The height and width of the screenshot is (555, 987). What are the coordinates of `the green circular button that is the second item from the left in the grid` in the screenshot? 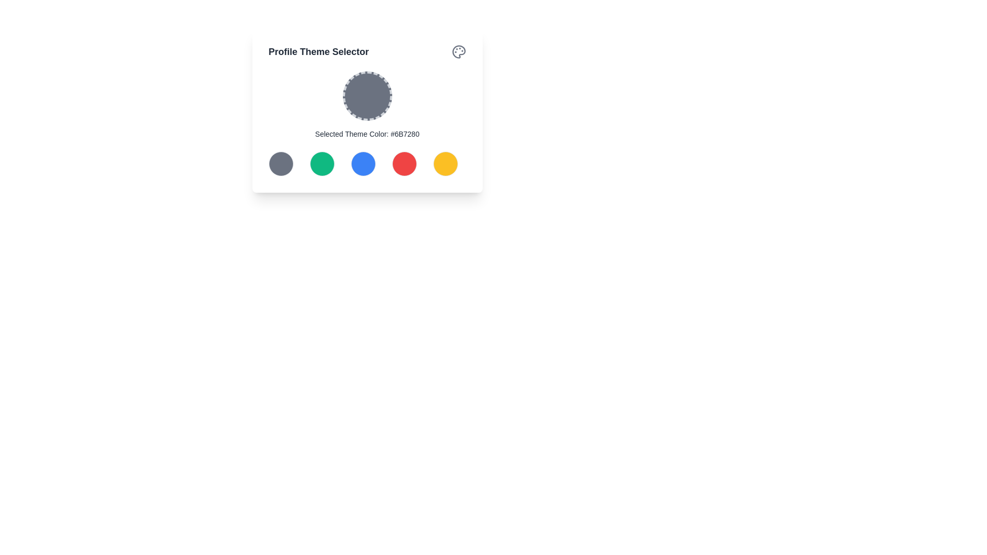 It's located at (321, 163).